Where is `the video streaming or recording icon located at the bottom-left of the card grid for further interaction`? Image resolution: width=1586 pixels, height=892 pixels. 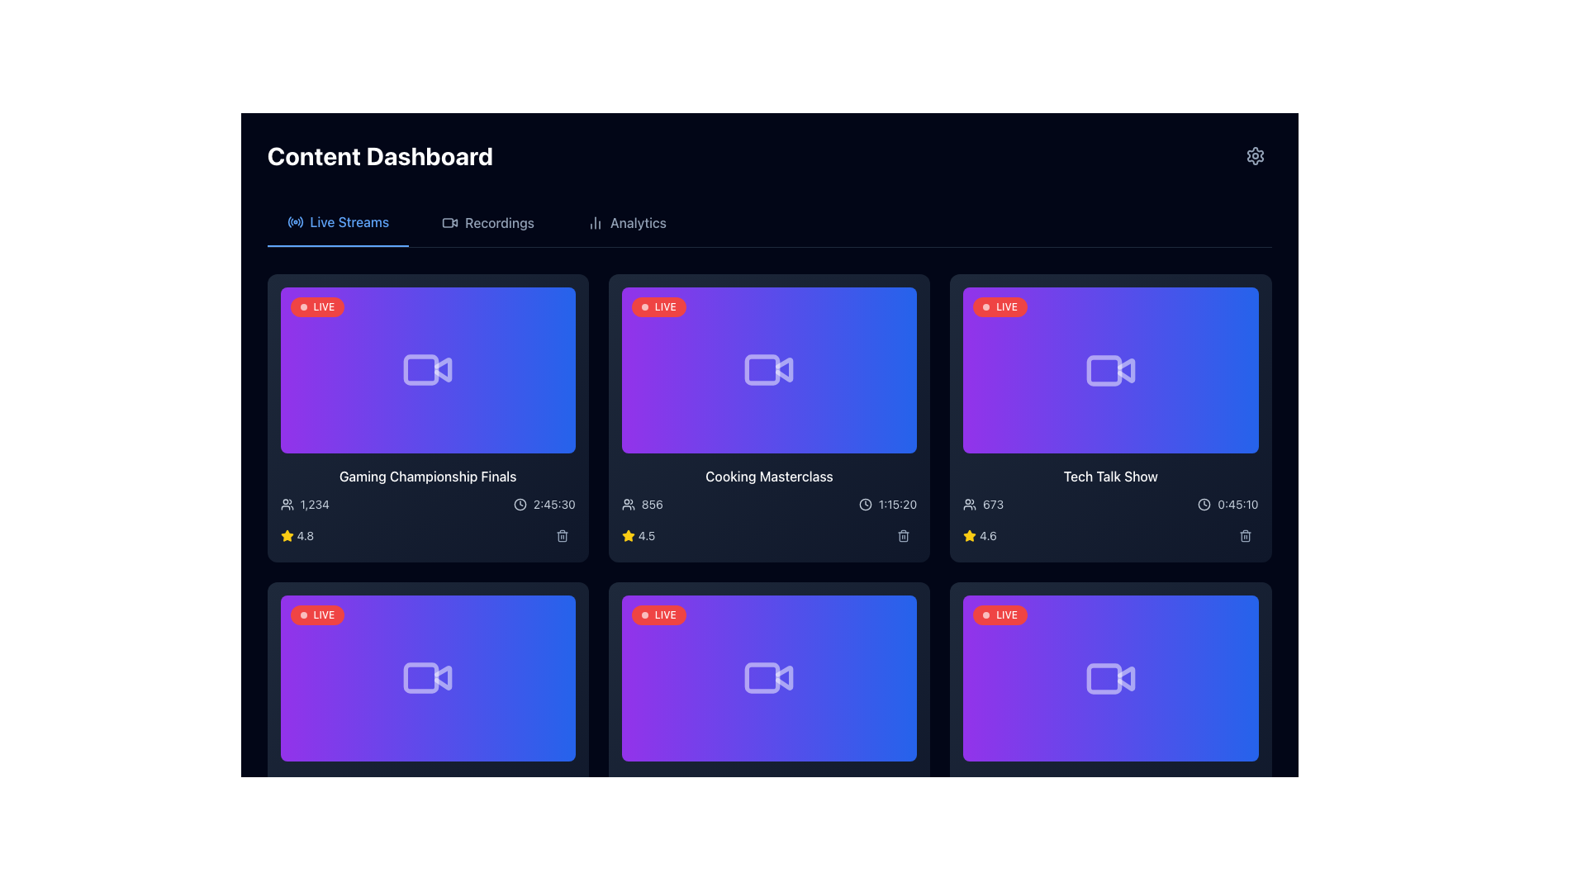
the video streaming or recording icon located at the bottom-left of the card grid for further interaction is located at coordinates (428, 678).